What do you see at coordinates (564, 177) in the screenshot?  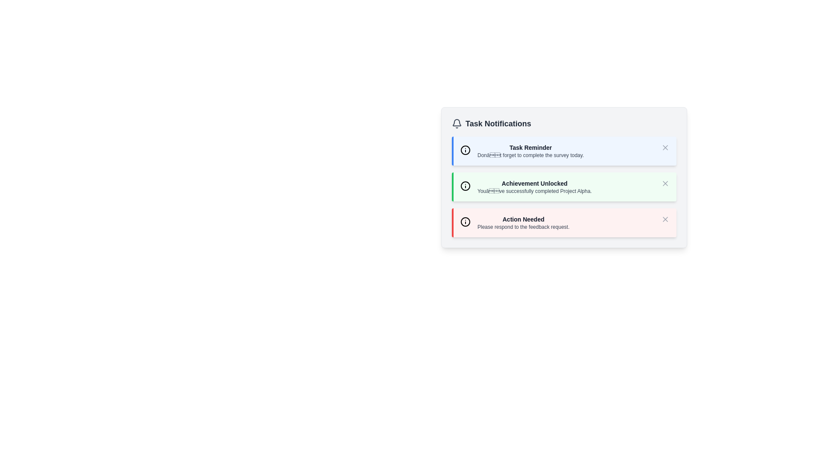 I see `the Notification Card for 'Project Alpha', which is the second card in the vertical list of notifications` at bounding box center [564, 177].